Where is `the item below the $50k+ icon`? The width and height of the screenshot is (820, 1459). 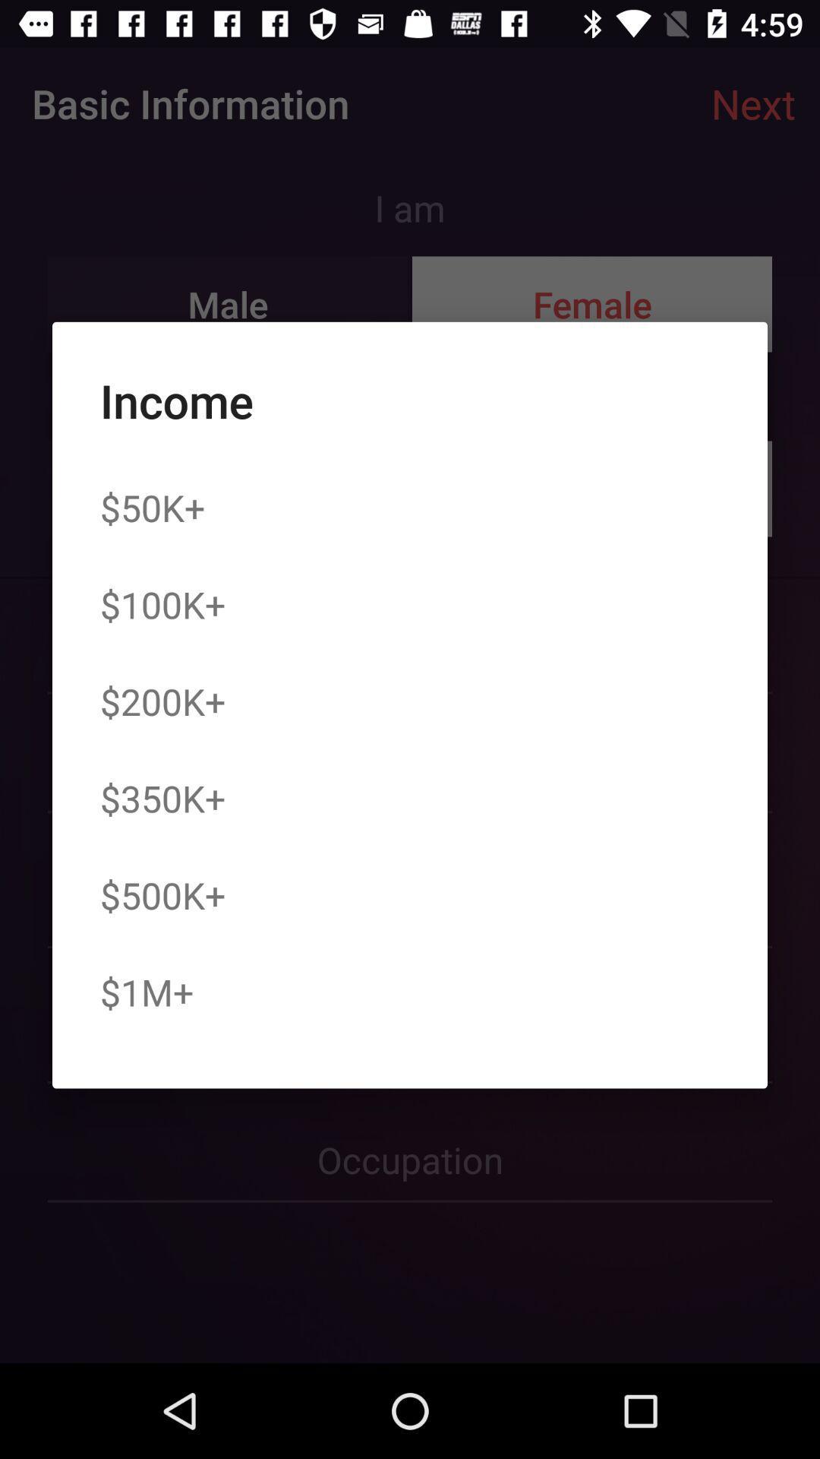
the item below the $50k+ icon is located at coordinates (162, 603).